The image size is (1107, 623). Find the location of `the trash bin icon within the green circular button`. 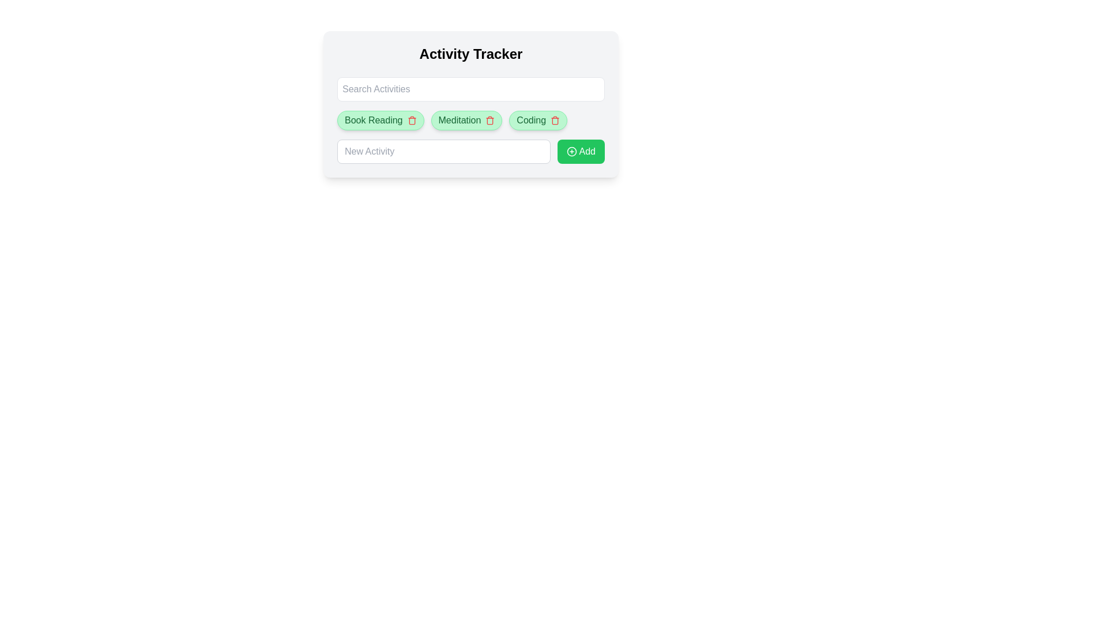

the trash bin icon within the green circular button is located at coordinates (412, 121).